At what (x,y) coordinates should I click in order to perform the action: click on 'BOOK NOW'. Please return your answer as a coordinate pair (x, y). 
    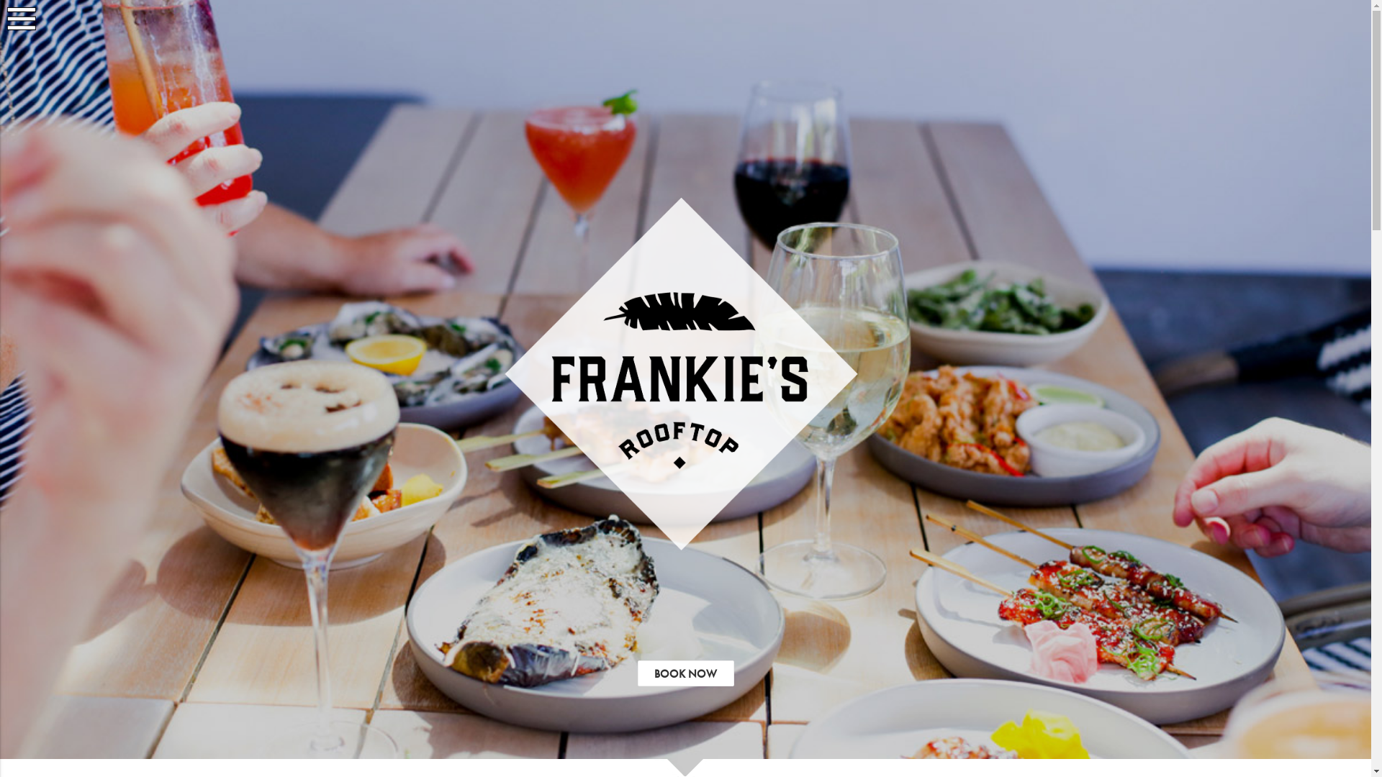
    Looking at the image, I should click on (685, 673).